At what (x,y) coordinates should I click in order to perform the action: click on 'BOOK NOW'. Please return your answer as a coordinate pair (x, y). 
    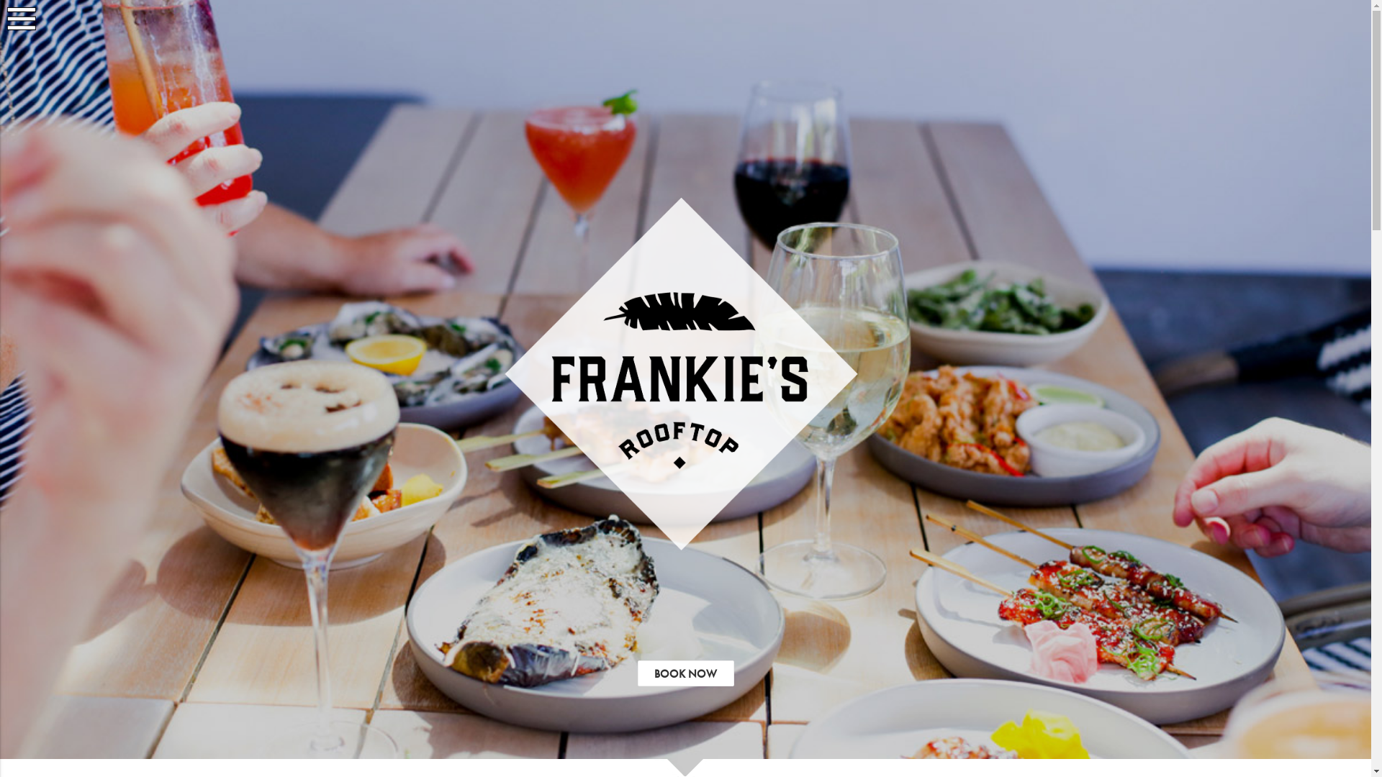
    Looking at the image, I should click on (685, 673).